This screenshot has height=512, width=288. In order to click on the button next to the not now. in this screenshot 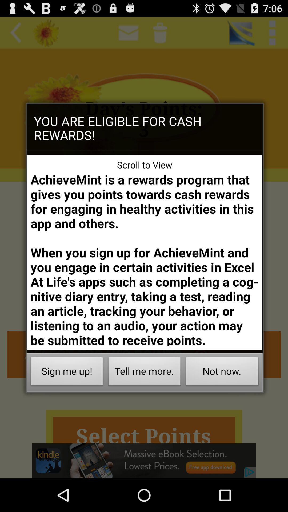, I will do `click(145, 372)`.